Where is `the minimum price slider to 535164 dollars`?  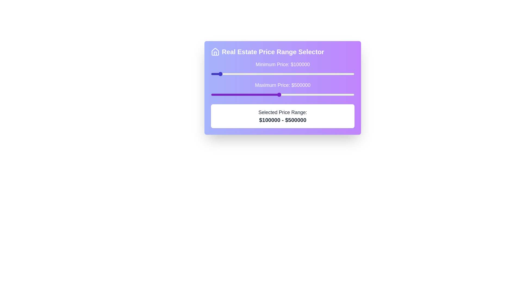 the minimum price slider to 535164 dollars is located at coordinates (284, 74).